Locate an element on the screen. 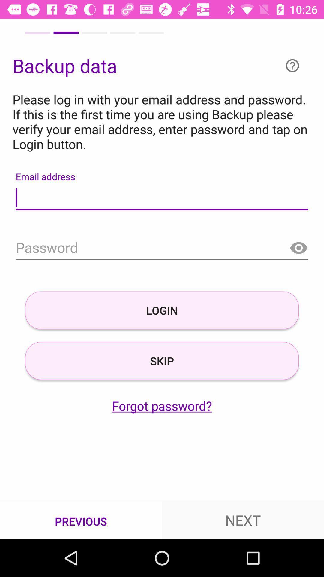  email address is located at coordinates (162, 198).